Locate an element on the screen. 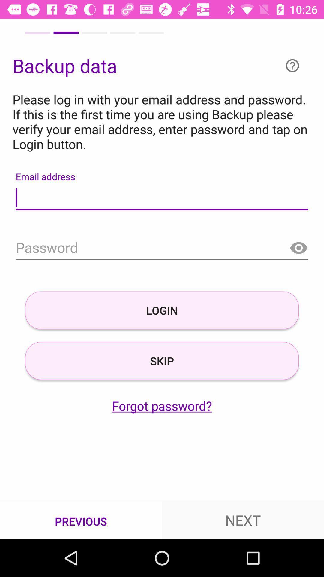  email address is located at coordinates (162, 198).